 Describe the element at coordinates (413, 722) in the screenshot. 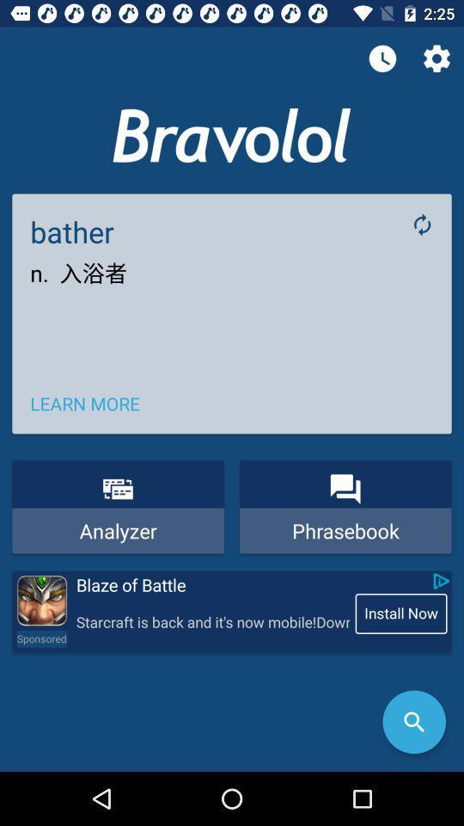

I see `search` at that location.